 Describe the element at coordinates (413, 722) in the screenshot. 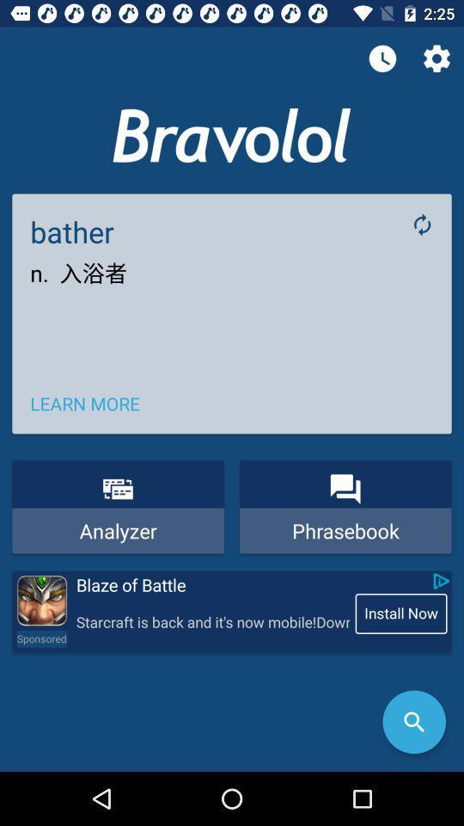

I see `search` at that location.